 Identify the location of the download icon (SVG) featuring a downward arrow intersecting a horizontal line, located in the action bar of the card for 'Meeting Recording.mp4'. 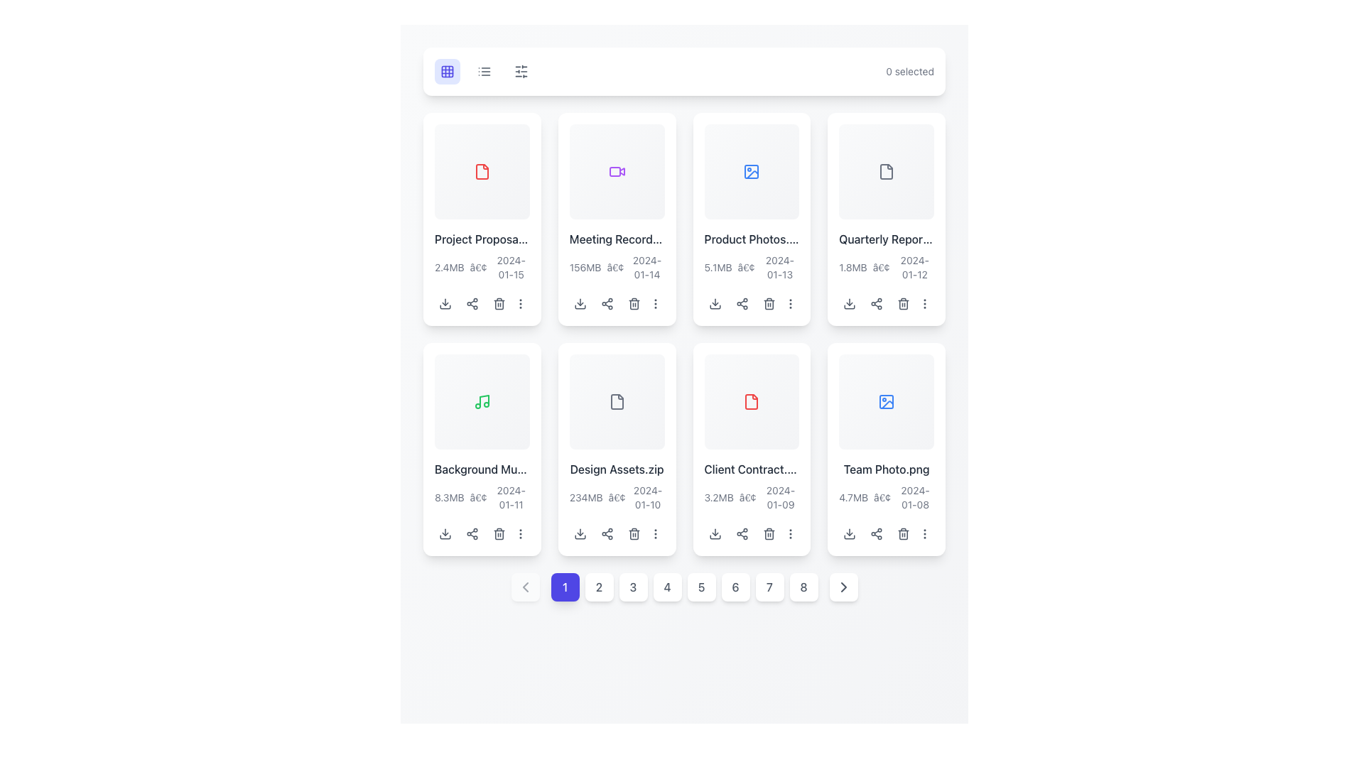
(580, 303).